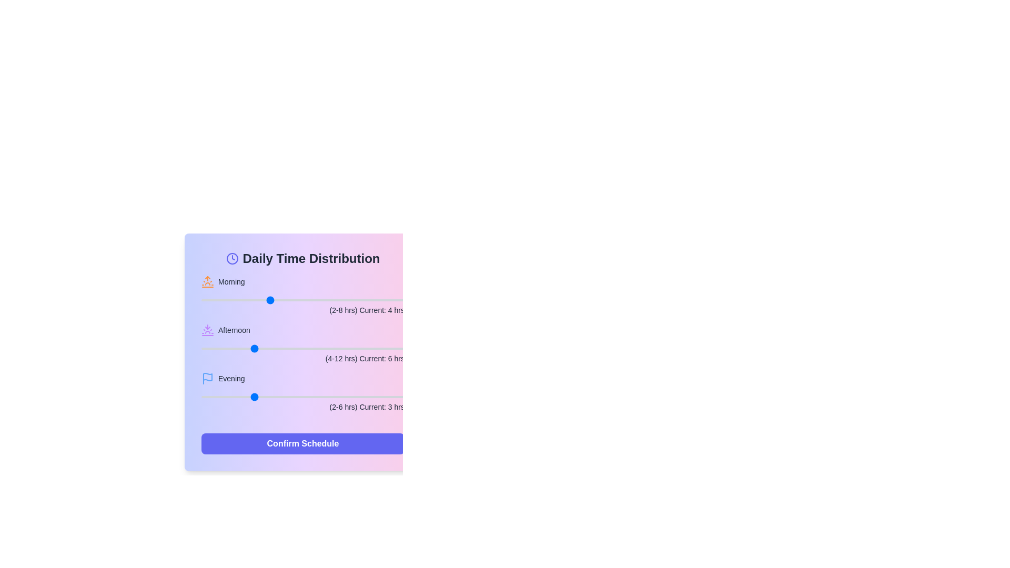 The height and width of the screenshot is (568, 1010). I want to click on the evening time allocation, so click(251, 397).